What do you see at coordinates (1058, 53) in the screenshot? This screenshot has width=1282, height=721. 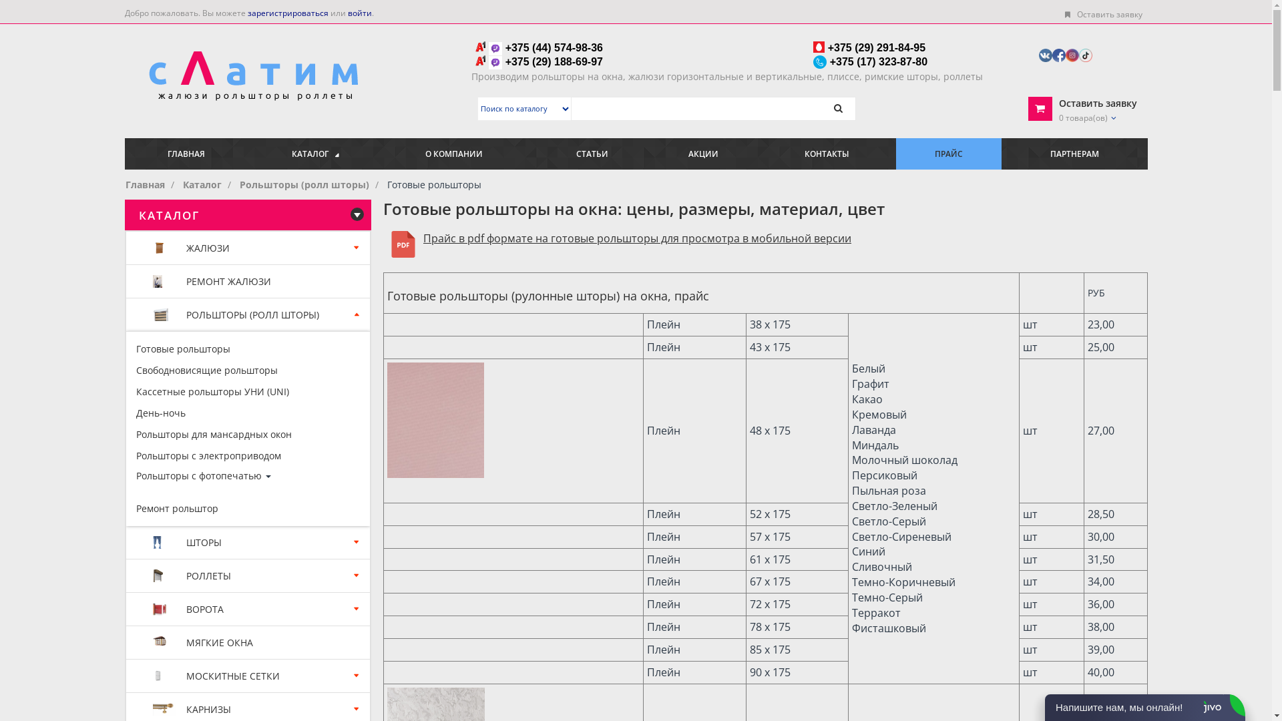 I see `'Slatim facebook'` at bounding box center [1058, 53].